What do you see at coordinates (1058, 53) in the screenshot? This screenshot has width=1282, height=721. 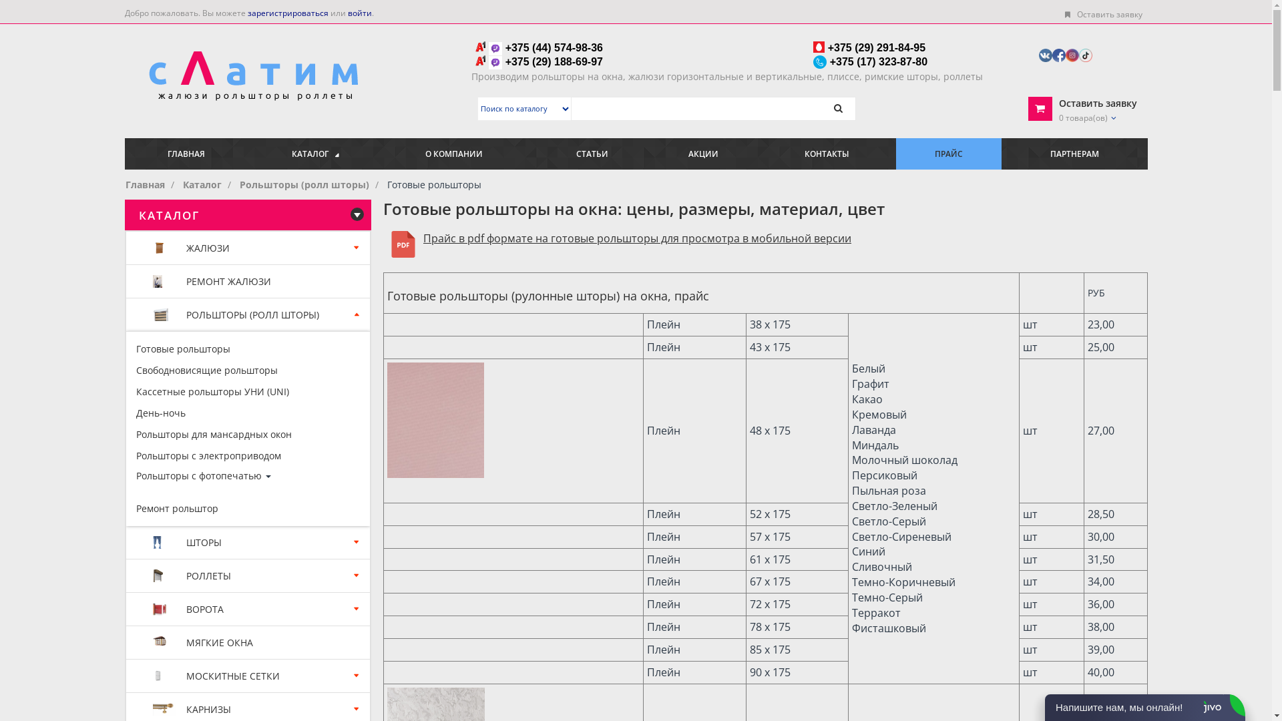 I see `'Slatim facebook'` at bounding box center [1058, 53].